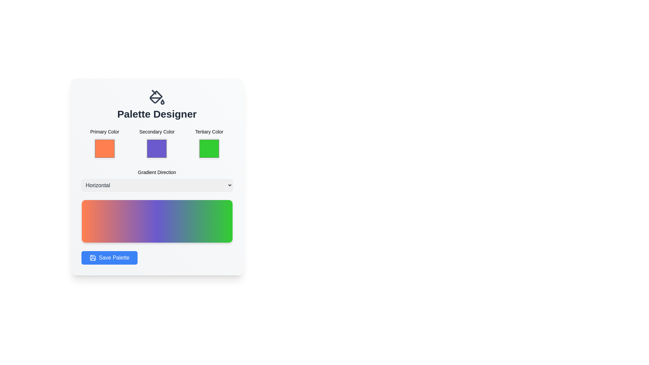 The width and height of the screenshot is (649, 365). Describe the element at coordinates (109, 258) in the screenshot. I see `the blue rectangular 'Save Palette' button with rounded corners, which displays a floppy disk icon and white text` at that location.